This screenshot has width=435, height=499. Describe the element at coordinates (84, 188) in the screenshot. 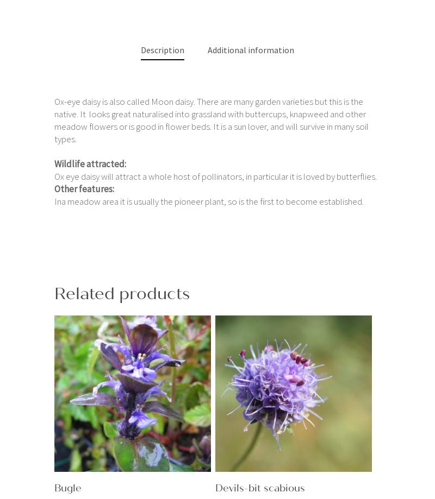

I see `'Other features:'` at that location.